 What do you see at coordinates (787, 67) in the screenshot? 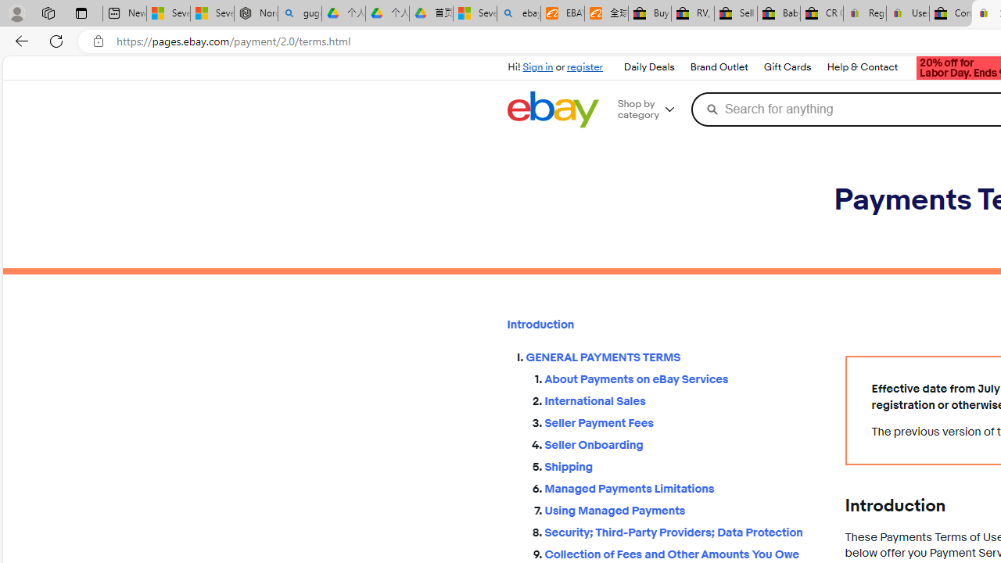
I see `'Gift Cards'` at bounding box center [787, 67].